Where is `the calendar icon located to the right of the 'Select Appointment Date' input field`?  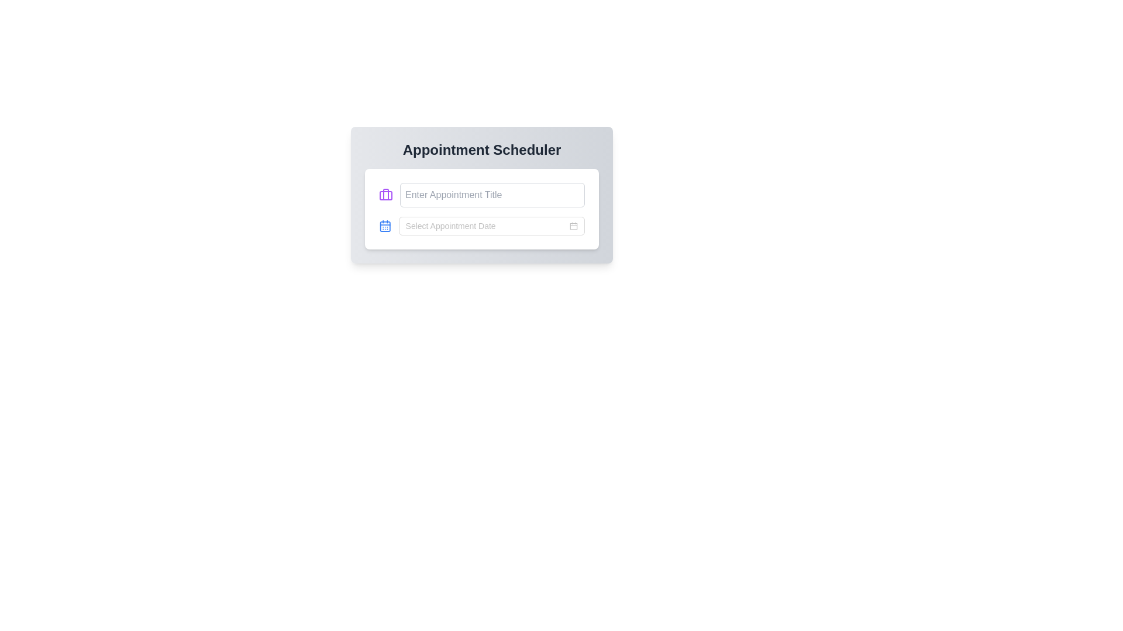
the calendar icon located to the right of the 'Select Appointment Date' input field is located at coordinates (573, 226).